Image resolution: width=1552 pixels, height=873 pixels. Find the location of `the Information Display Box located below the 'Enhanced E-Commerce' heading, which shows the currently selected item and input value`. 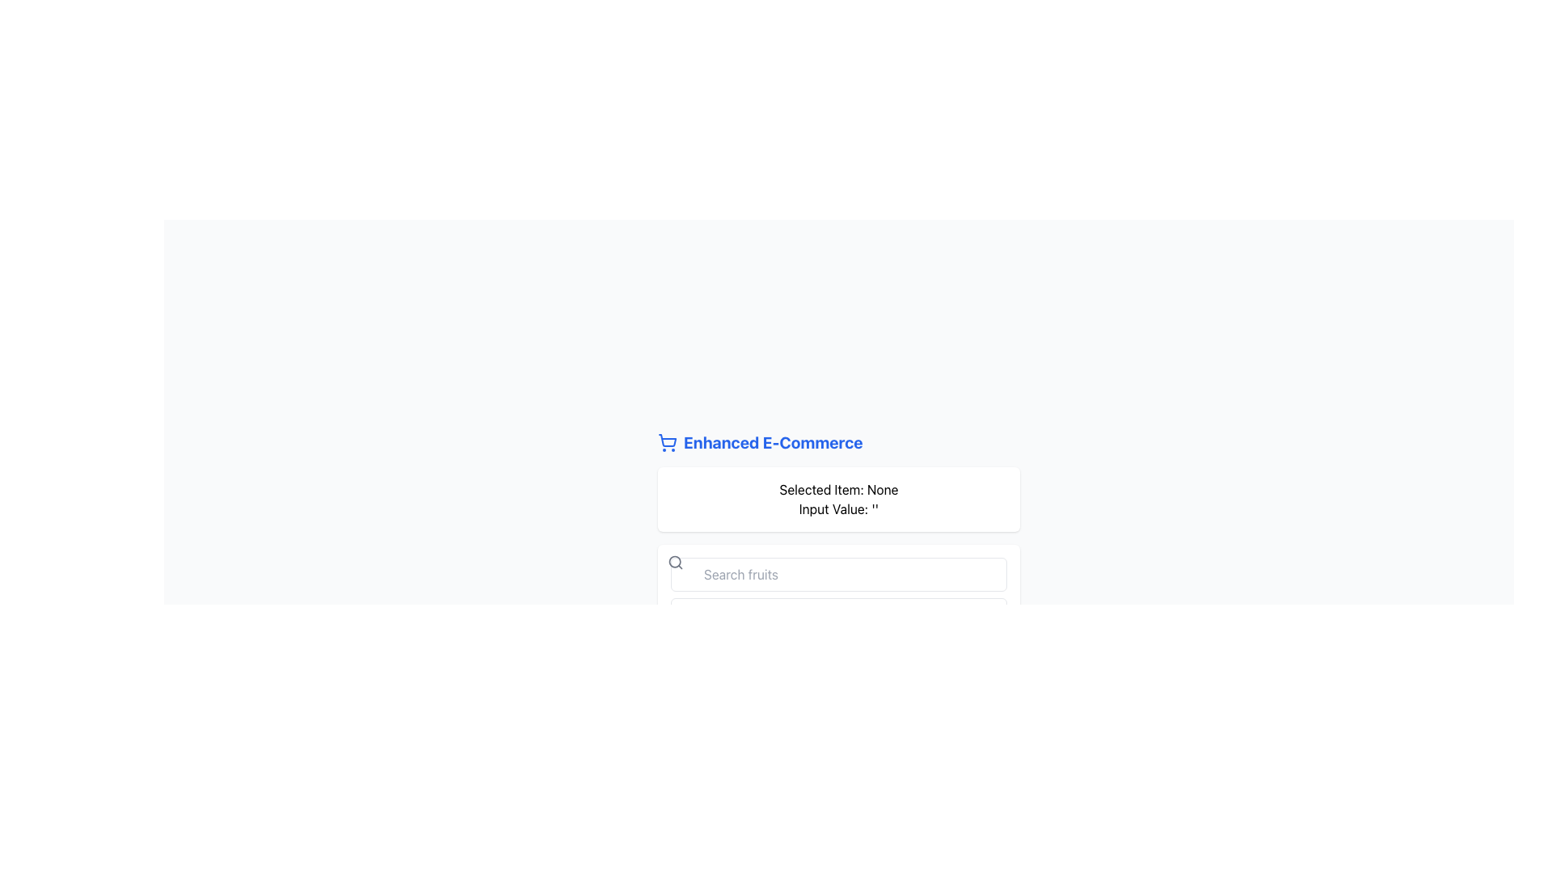

the Information Display Box located below the 'Enhanced E-Commerce' heading, which shows the currently selected item and input value is located at coordinates (838, 498).